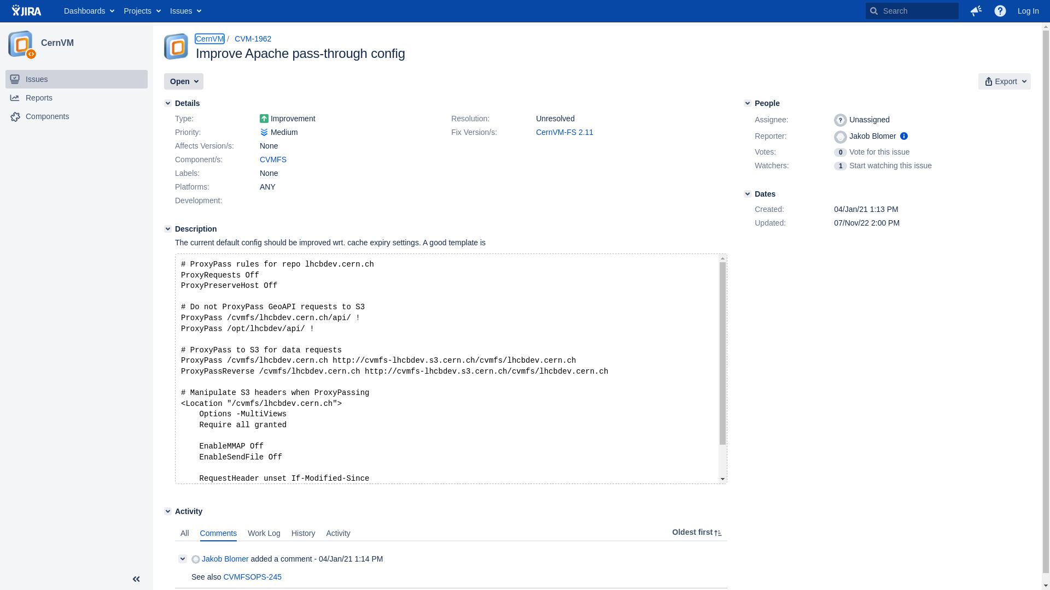 This screenshot has width=1050, height=590. Describe the element at coordinates (535, 132) in the screenshot. I see `'CernVM-FS 2.11'` at that location.